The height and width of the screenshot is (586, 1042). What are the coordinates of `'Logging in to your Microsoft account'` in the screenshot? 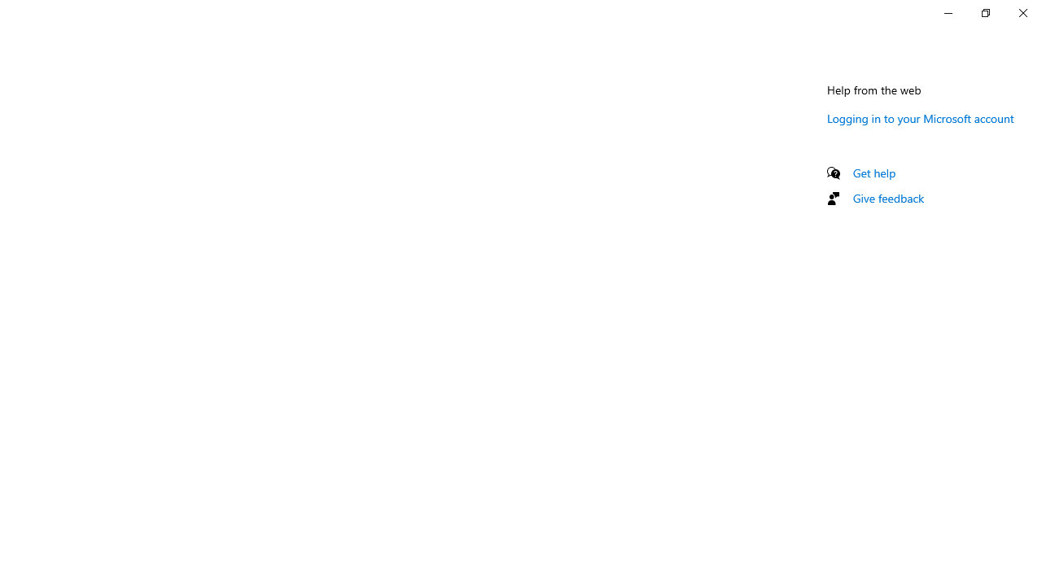 It's located at (920, 117).